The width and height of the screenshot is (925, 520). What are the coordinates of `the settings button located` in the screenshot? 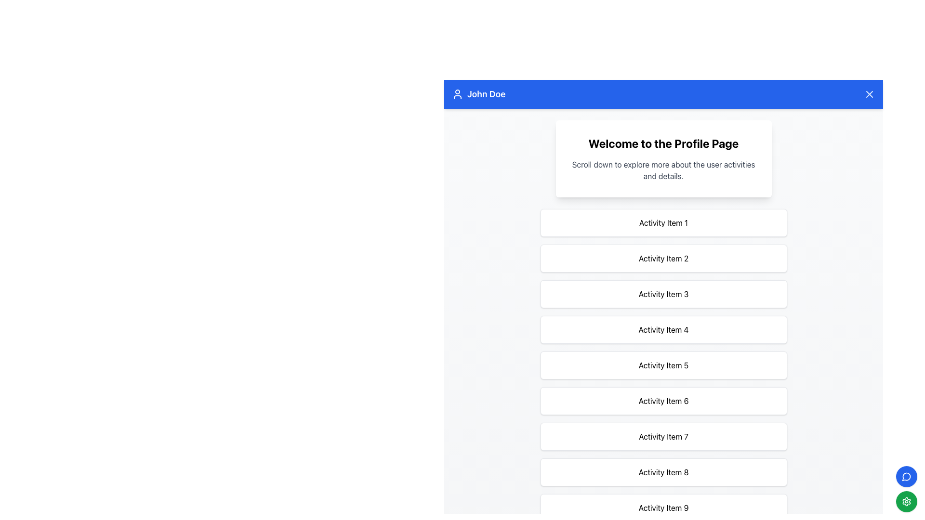 It's located at (906, 501).